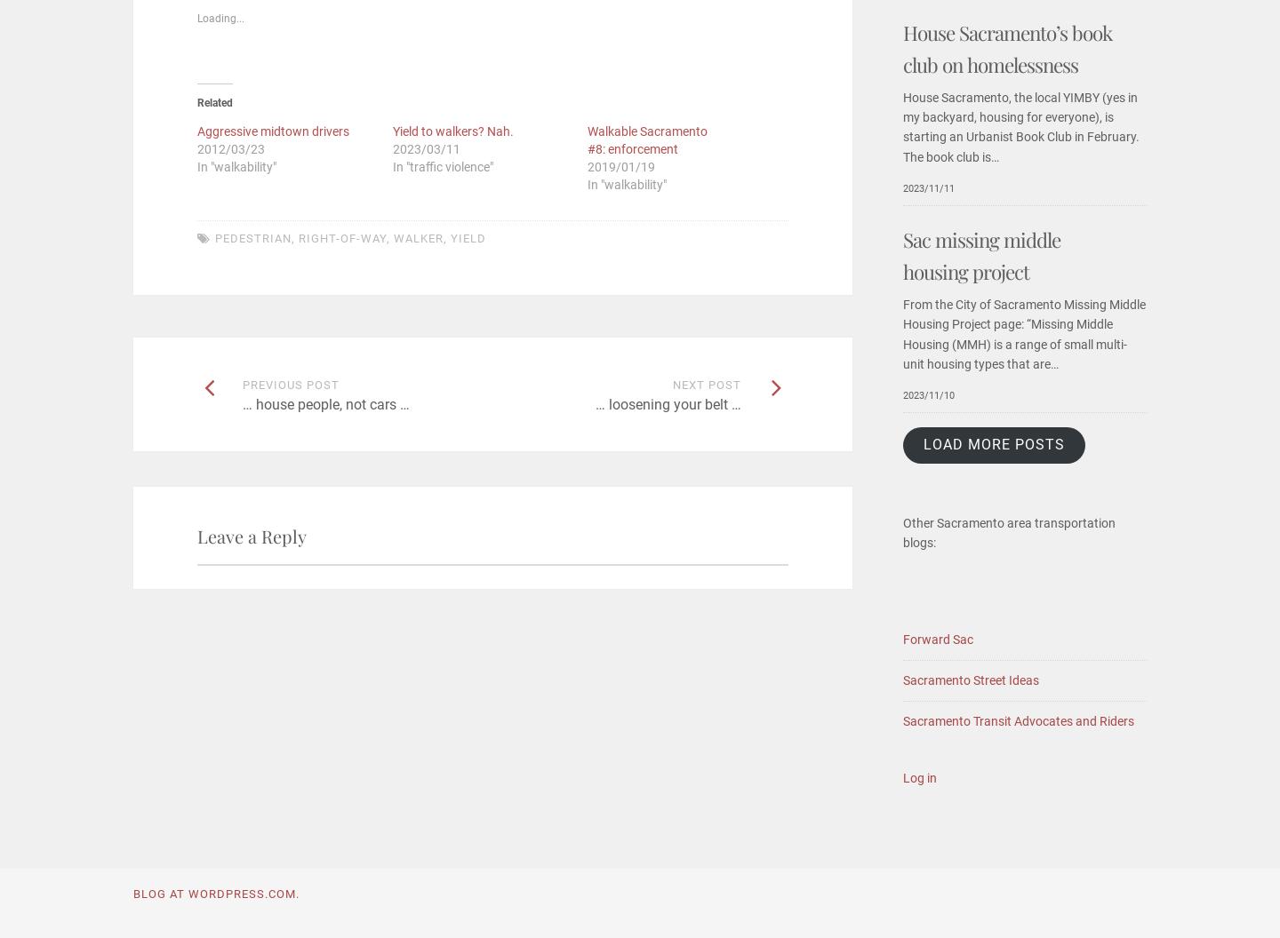 The height and width of the screenshot is (938, 1280). I want to click on '2023/11/10', so click(929, 395).